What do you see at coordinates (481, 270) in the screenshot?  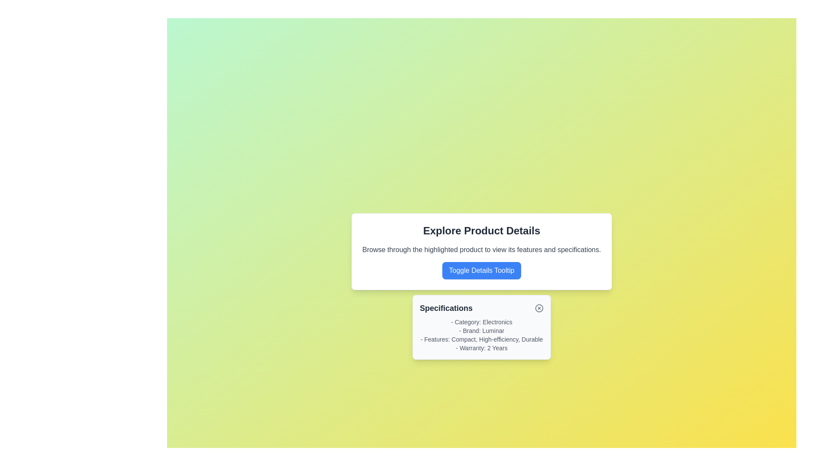 I see `the button that toggles the visibility of the tooltip providing product specifications, which is located below the text 'Browse through the highlighted product` at bounding box center [481, 270].